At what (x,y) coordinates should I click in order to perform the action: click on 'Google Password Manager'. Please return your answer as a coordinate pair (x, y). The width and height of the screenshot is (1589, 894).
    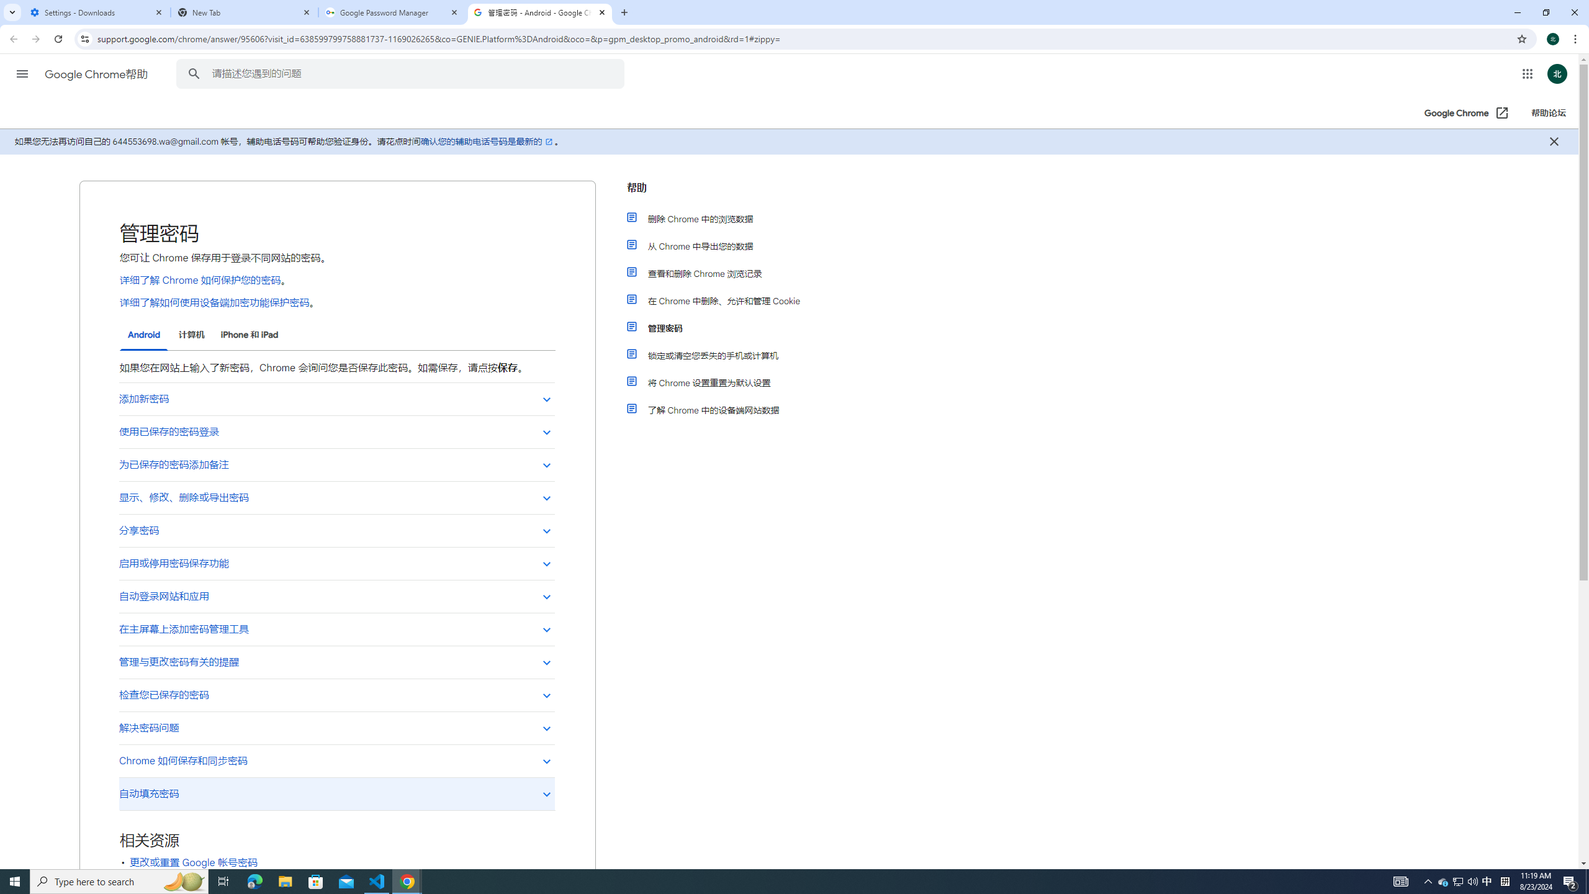
    Looking at the image, I should click on (392, 12).